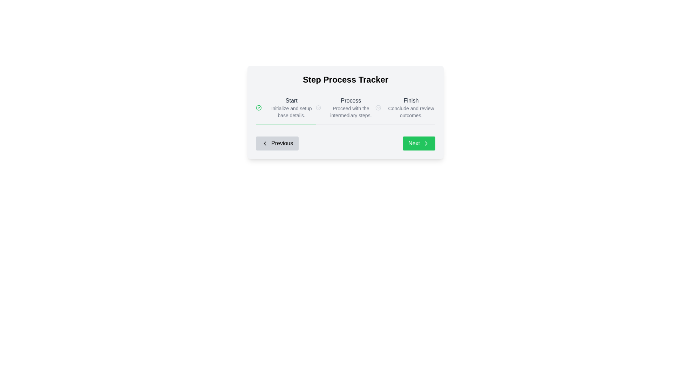  What do you see at coordinates (411, 108) in the screenshot?
I see `text content of the third text block in the process tracker, which is bold and says 'Finish', followed by a smaller text 'Conclude and review outcomes.'` at bounding box center [411, 108].